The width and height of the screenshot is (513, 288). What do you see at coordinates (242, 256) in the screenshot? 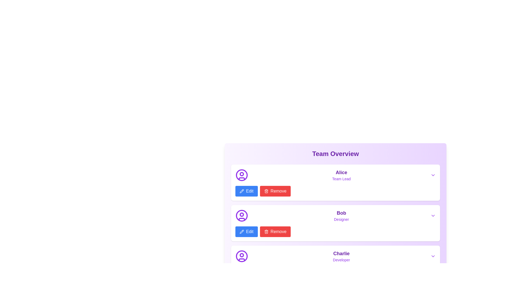
I see `the user profile icon for the team member 'Charlie' in the 'Team Overview' section, which is a purple circle icon located to the left of the text 'Charlie' and adjacent to the 'Edit' and 'Remove' buttons` at bounding box center [242, 256].